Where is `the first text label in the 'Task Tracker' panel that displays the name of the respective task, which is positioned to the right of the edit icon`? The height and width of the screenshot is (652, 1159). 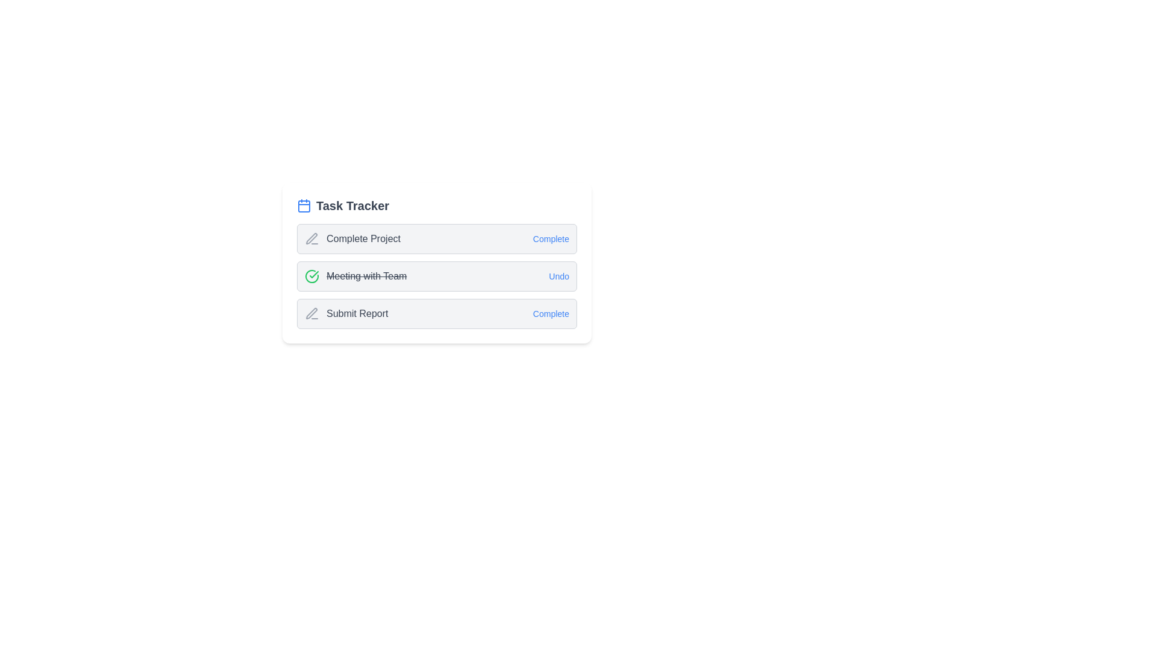
the first text label in the 'Task Tracker' panel that displays the name of the respective task, which is positioned to the right of the edit icon is located at coordinates (363, 239).